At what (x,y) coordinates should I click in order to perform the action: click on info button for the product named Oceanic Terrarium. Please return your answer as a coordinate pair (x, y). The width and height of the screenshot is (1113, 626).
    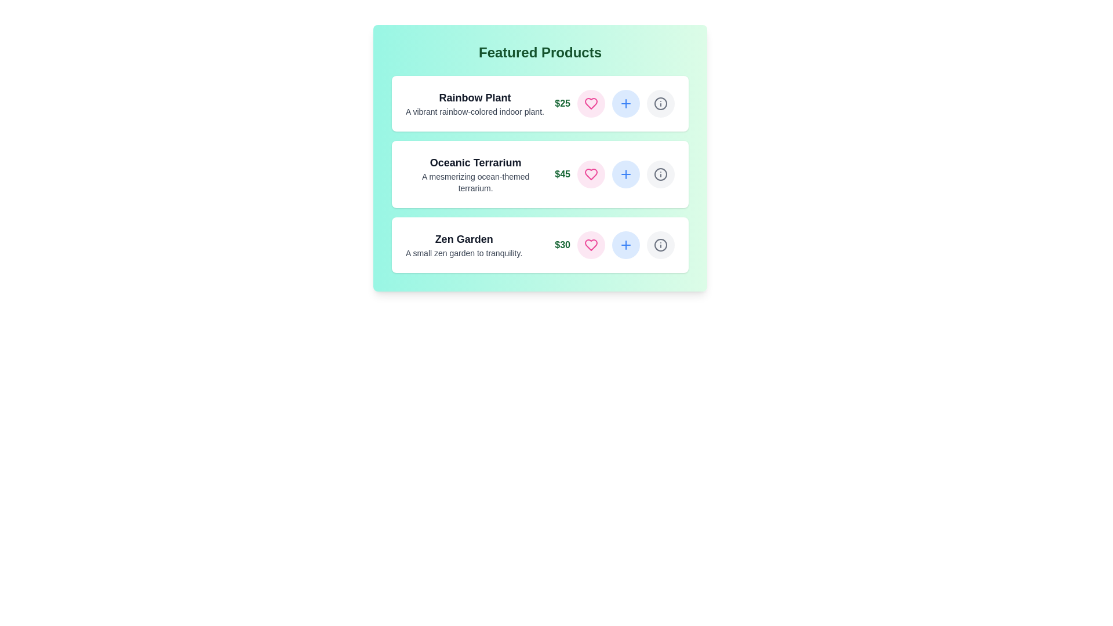
    Looking at the image, I should click on (661, 174).